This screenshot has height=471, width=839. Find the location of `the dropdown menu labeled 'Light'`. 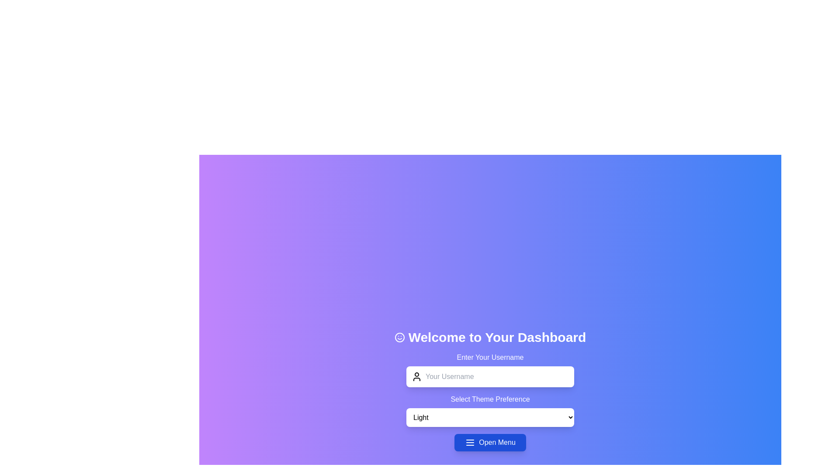

the dropdown menu labeled 'Light' is located at coordinates (490, 416).